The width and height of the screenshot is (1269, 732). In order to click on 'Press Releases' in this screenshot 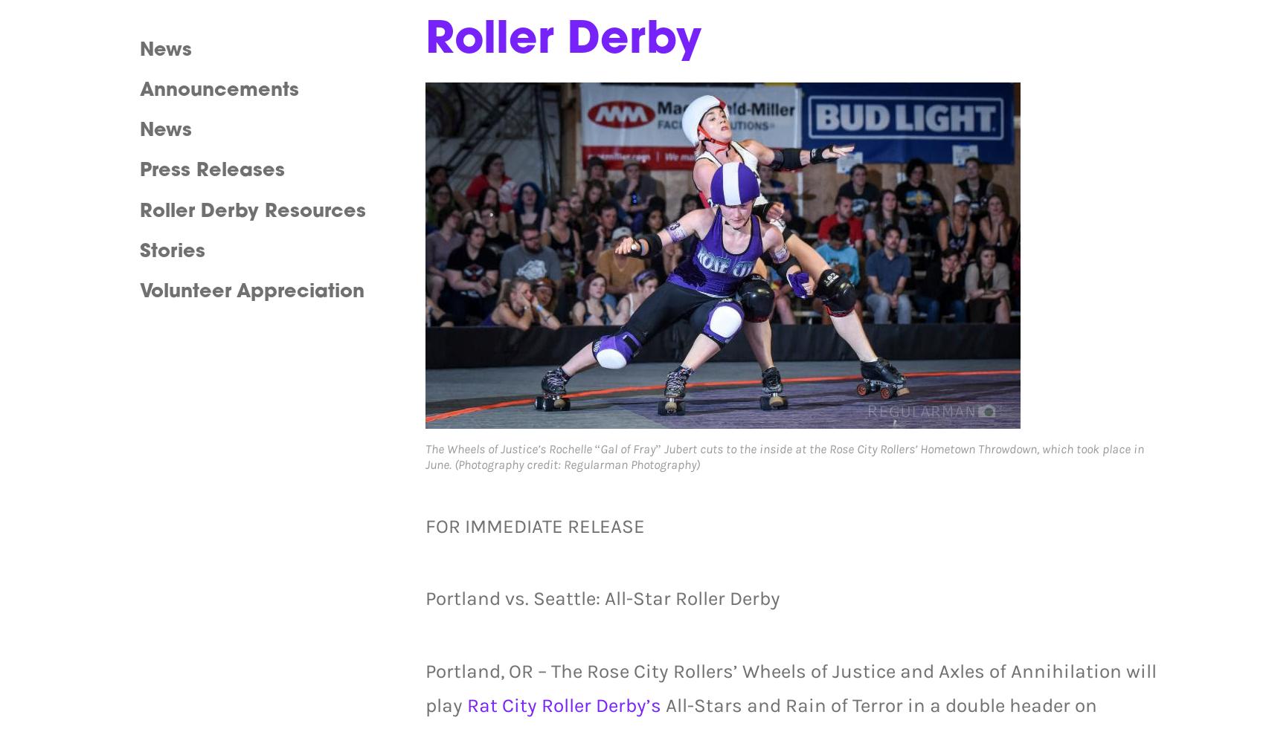, I will do `click(211, 170)`.